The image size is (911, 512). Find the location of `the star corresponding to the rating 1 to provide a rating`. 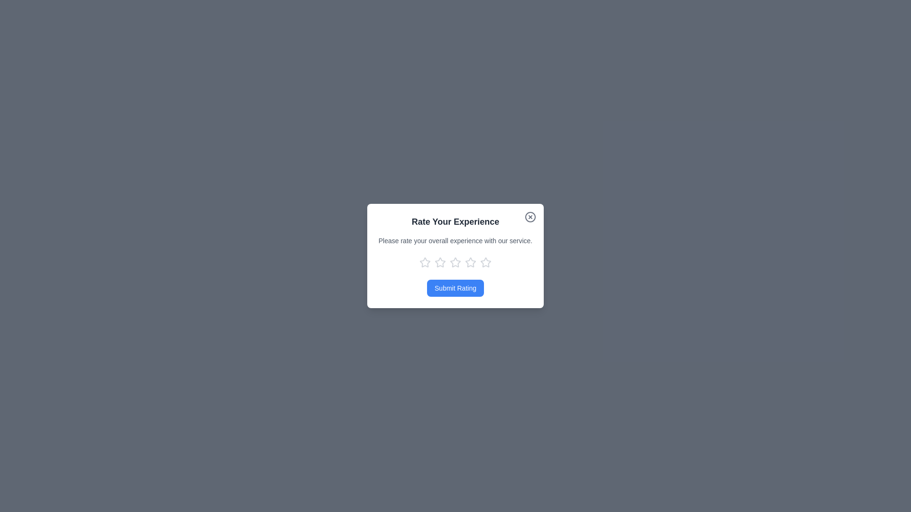

the star corresponding to the rating 1 to provide a rating is located at coordinates (425, 263).